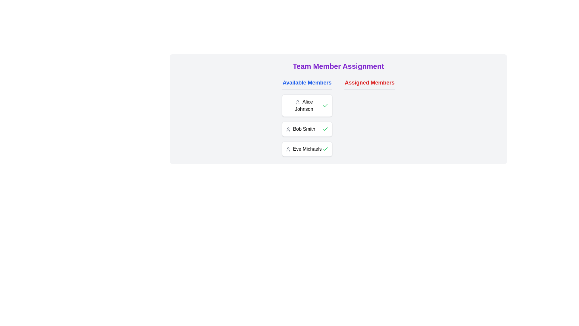 The image size is (579, 326). Describe the element at coordinates (307, 149) in the screenshot. I see `the text label displaying the name 'Eve Michaels', which is the last item in the 'Available Members' list` at that location.